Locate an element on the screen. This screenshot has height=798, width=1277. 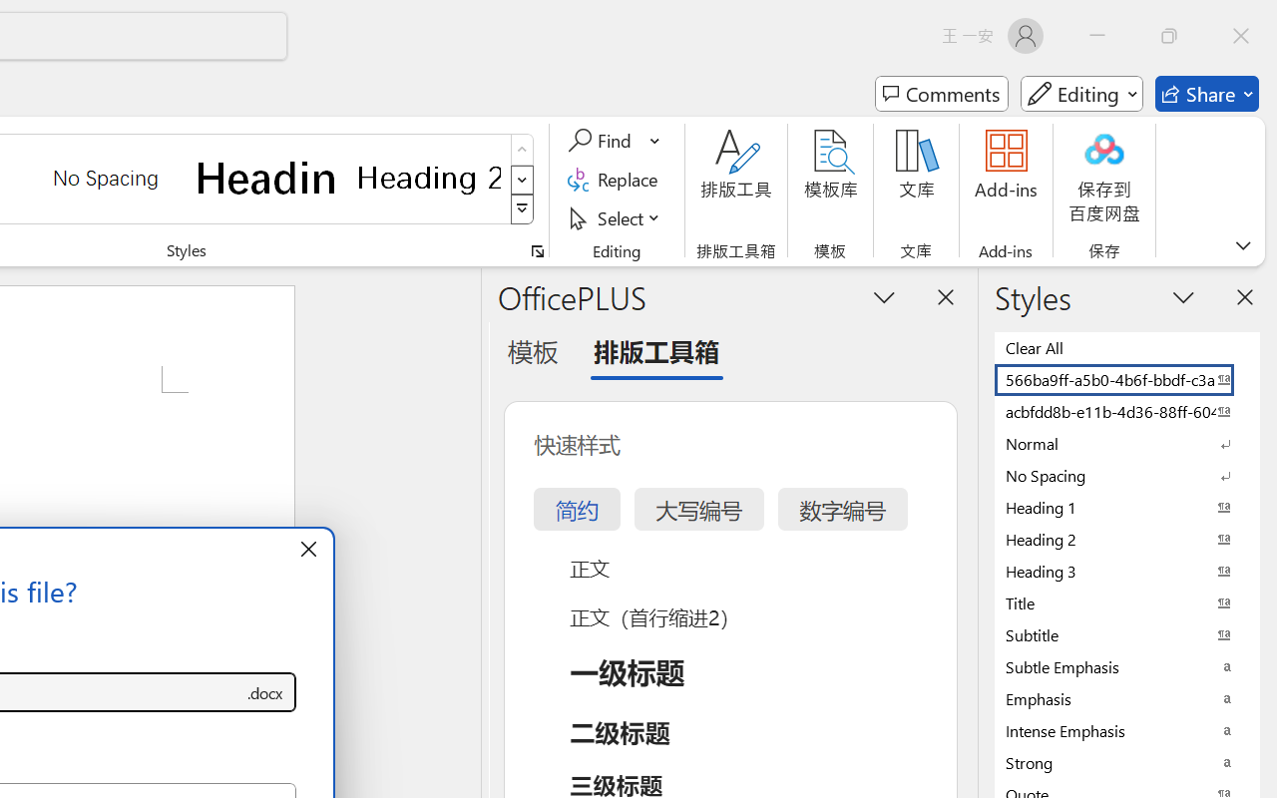
'Close' is located at coordinates (1240, 35).